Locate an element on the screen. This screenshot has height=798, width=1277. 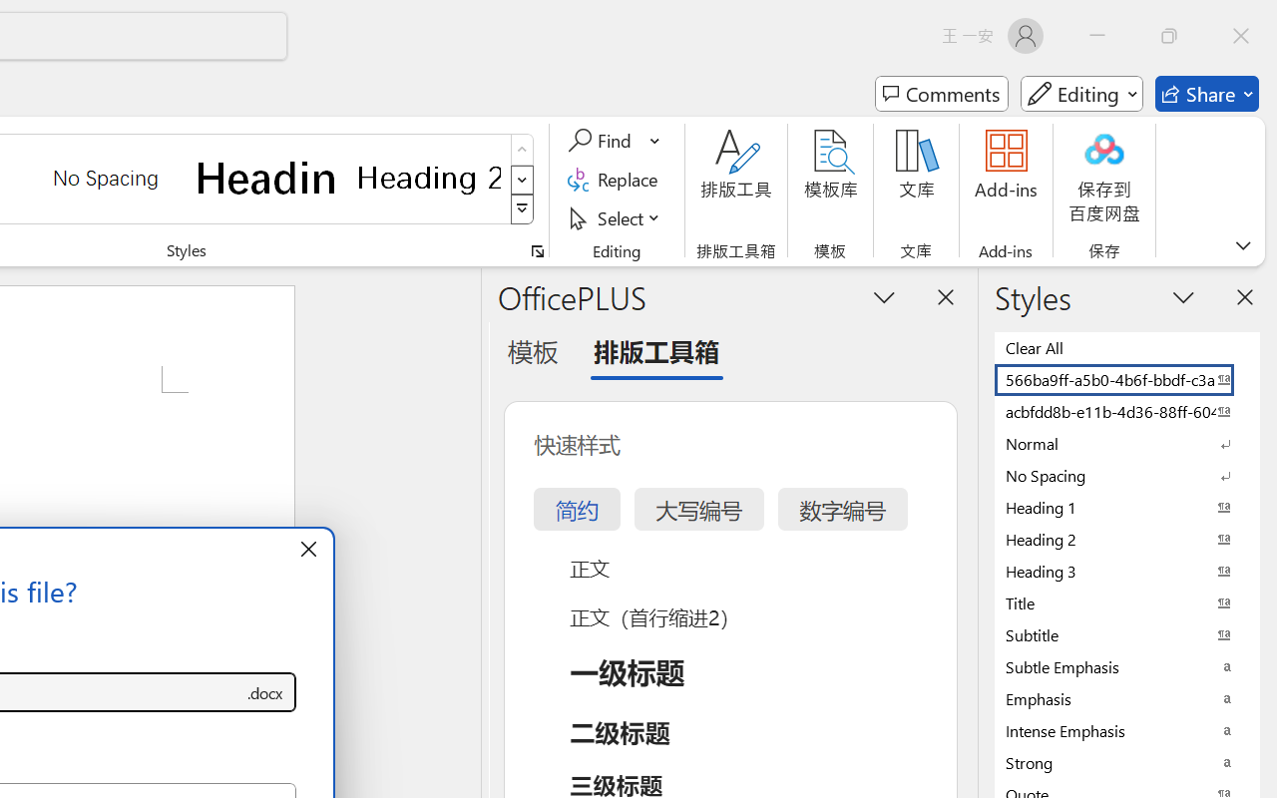
'Close' is located at coordinates (1240, 35).